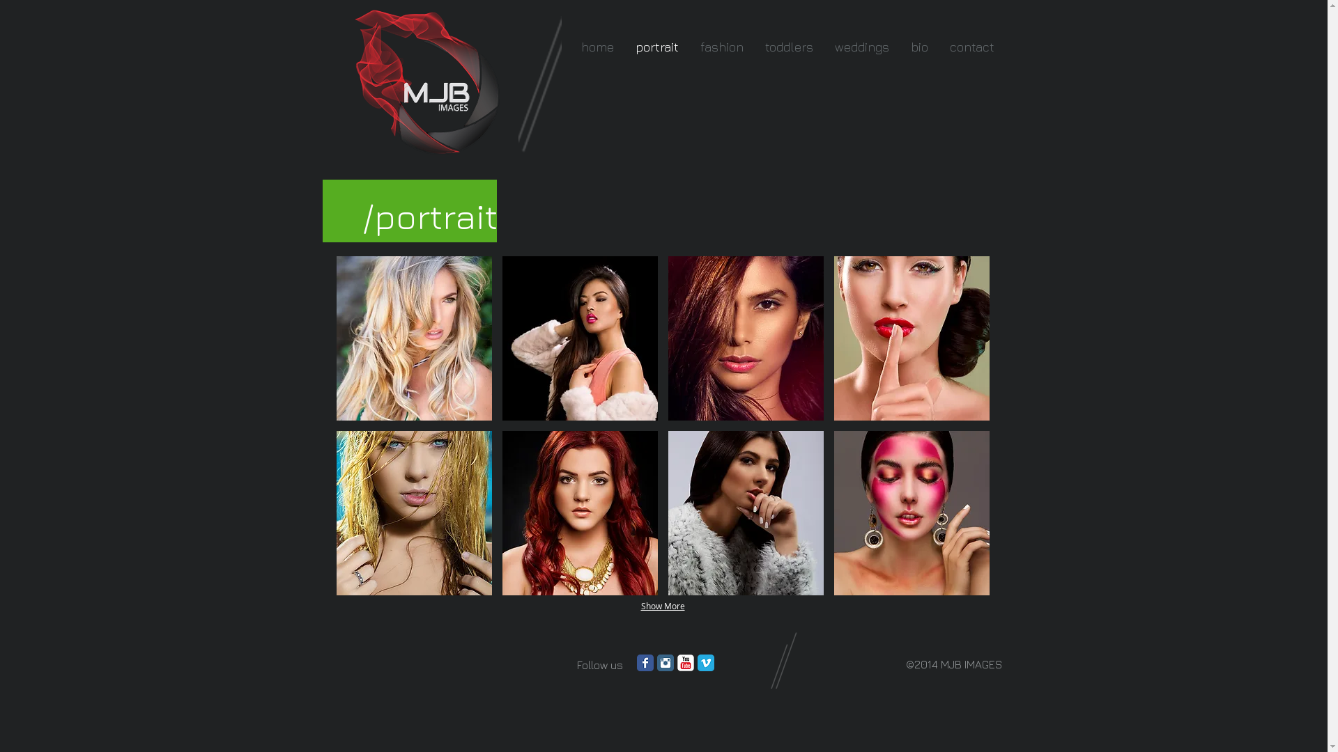 This screenshot has width=1338, height=752. I want to click on 'weddings', so click(861, 46).